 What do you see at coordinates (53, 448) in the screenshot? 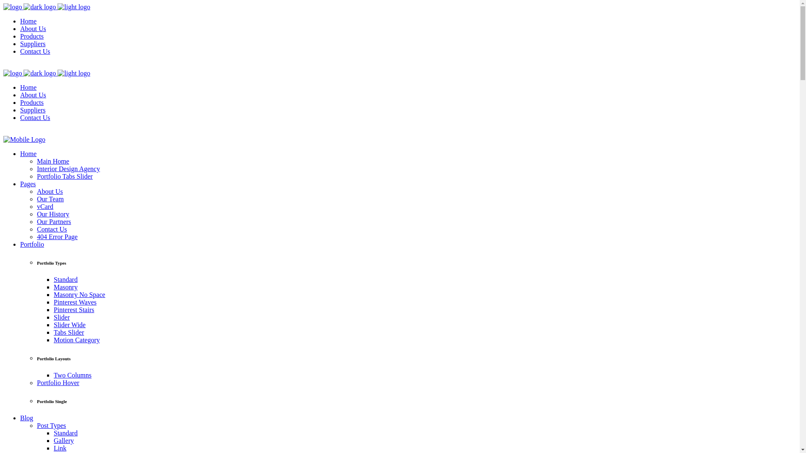
I see `'Link'` at bounding box center [53, 448].